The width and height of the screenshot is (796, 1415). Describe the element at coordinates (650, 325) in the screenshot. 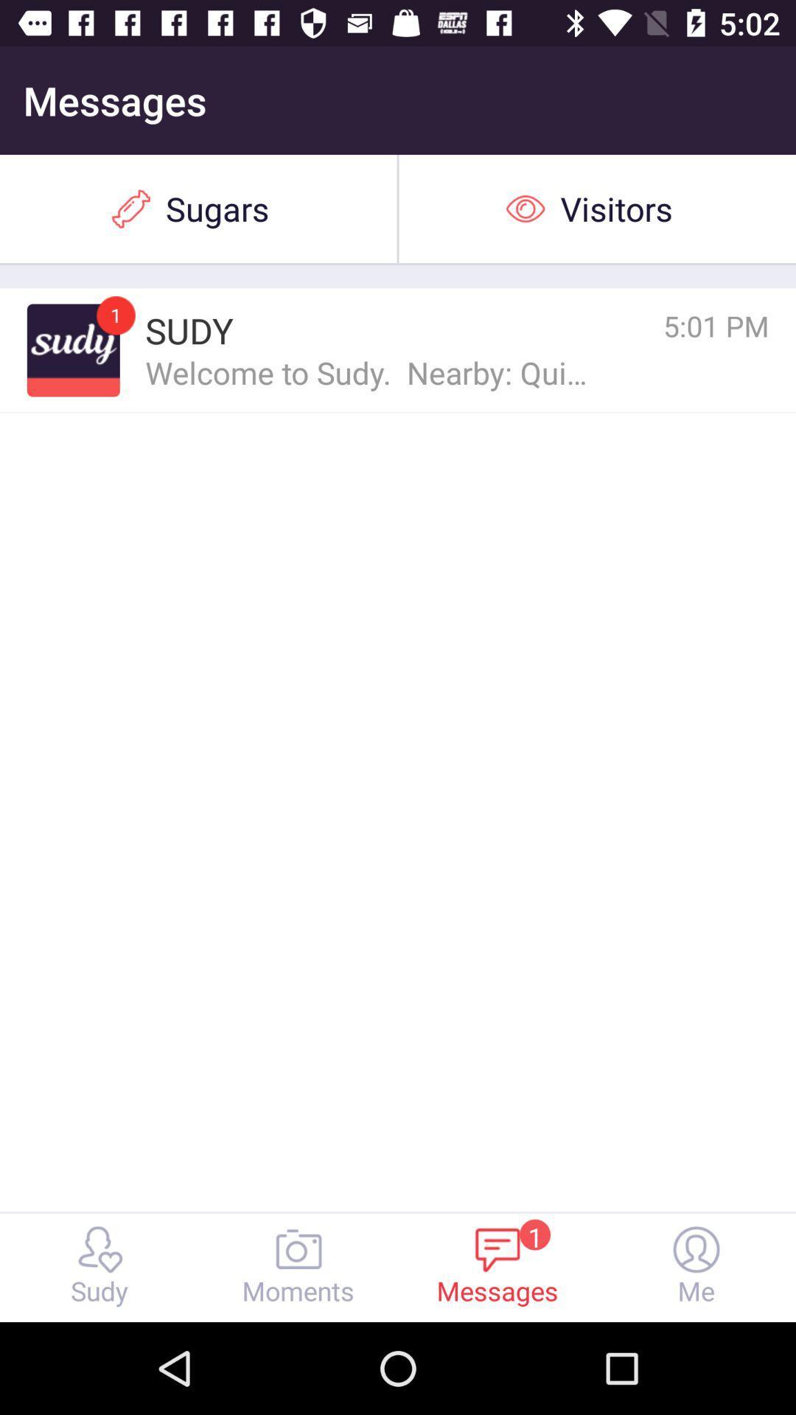

I see `the 5:01 pm icon` at that location.